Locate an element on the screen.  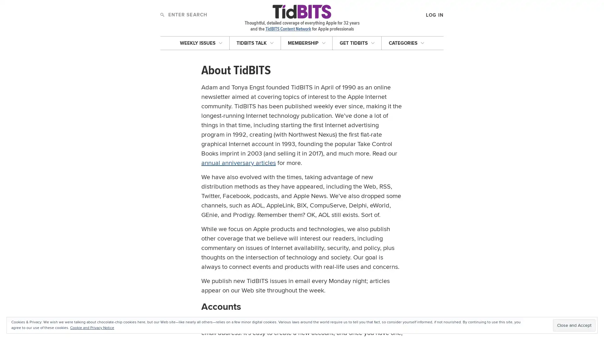
Close and Accept is located at coordinates (574, 325).